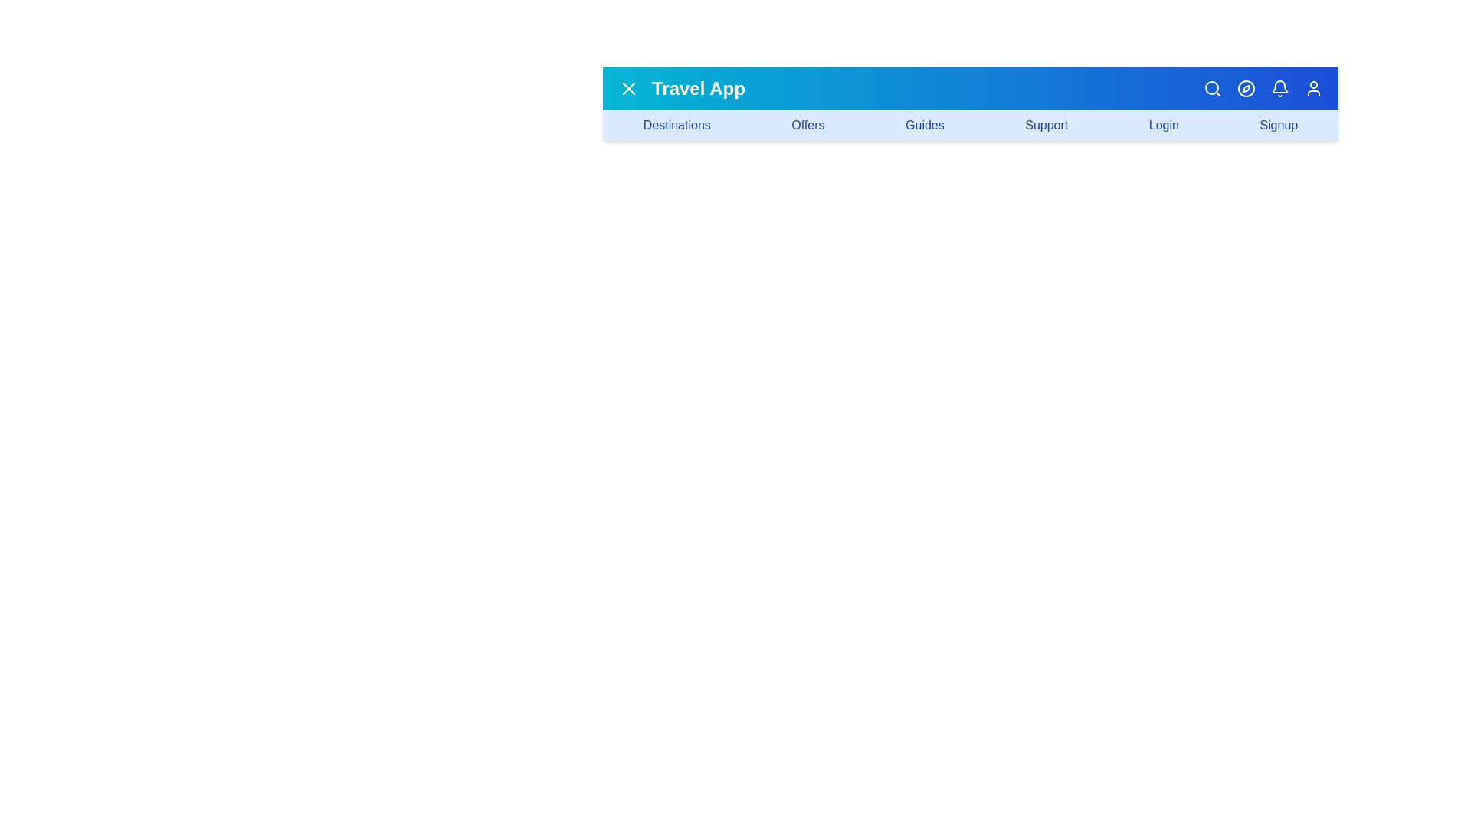 The image size is (1471, 827). What do you see at coordinates (676, 125) in the screenshot?
I see `the menu item Destinations to observe visual feedback` at bounding box center [676, 125].